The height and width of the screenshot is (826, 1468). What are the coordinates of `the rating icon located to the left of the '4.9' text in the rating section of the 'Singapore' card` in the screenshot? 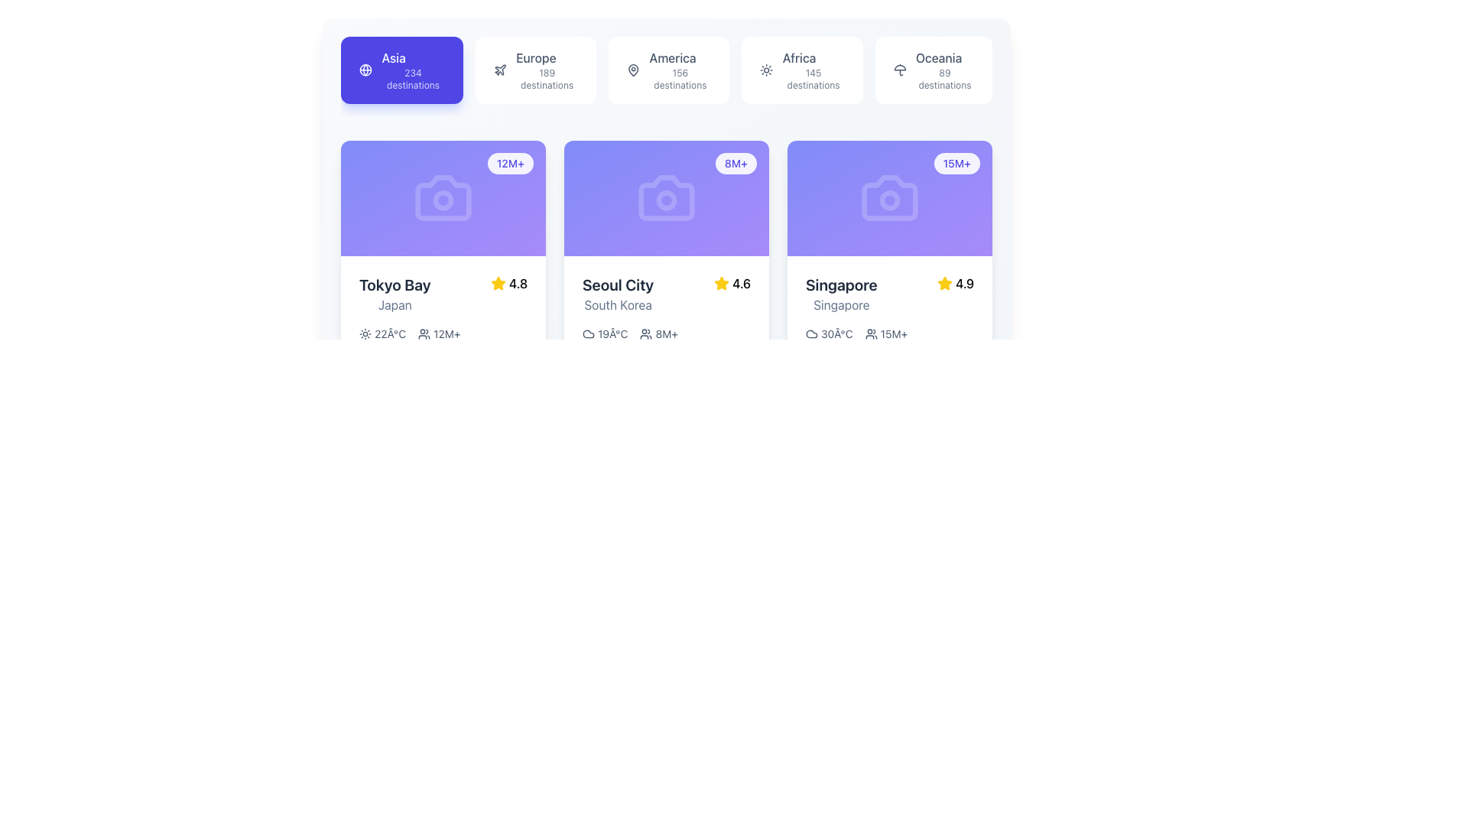 It's located at (944, 283).